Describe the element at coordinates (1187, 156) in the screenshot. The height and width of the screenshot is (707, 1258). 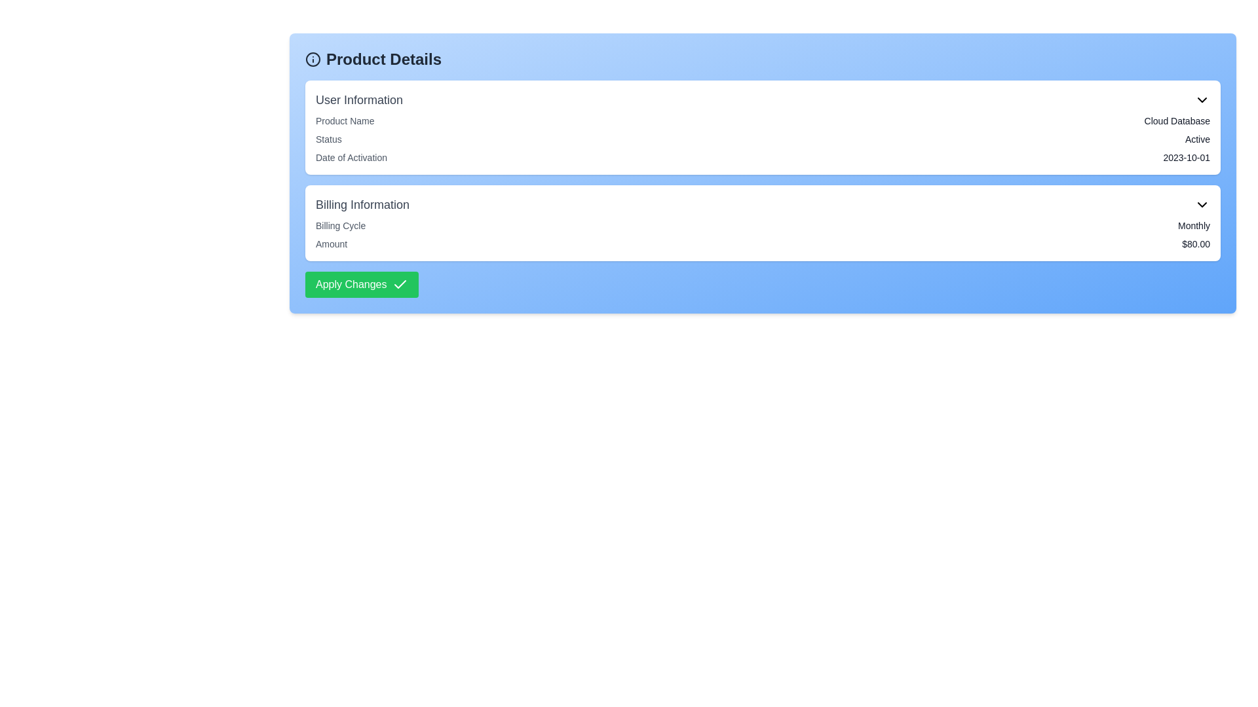
I see `static text display that shows the date '2023-10-01' in the bottom-right portion of the 'User Information' section of the 'Product Details' card` at that location.